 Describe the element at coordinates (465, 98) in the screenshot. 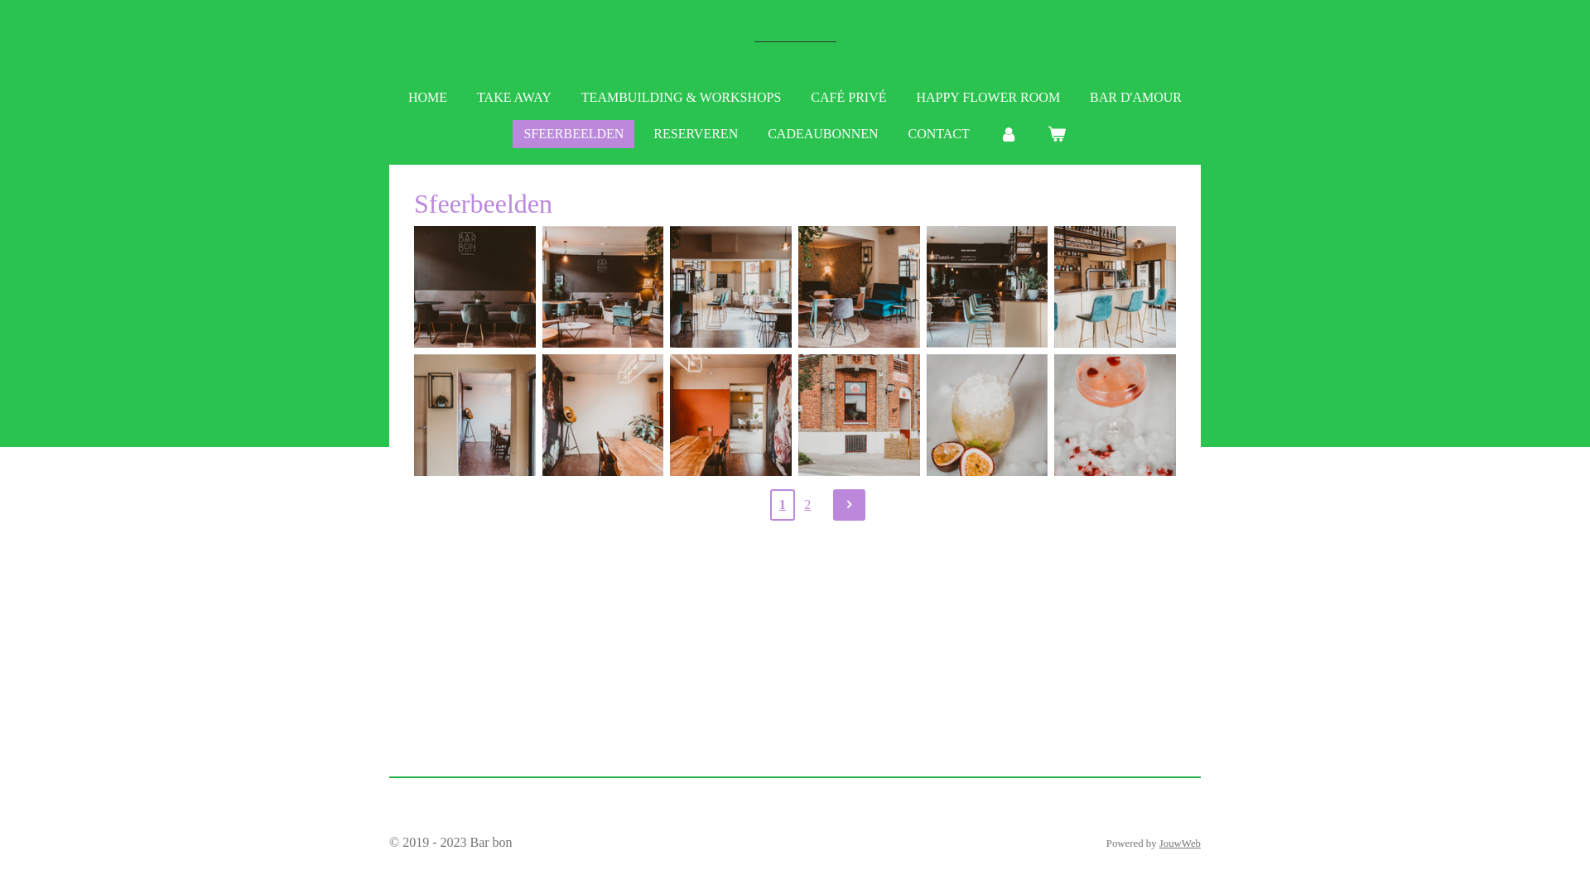

I see `'TAKE AWAY'` at that location.